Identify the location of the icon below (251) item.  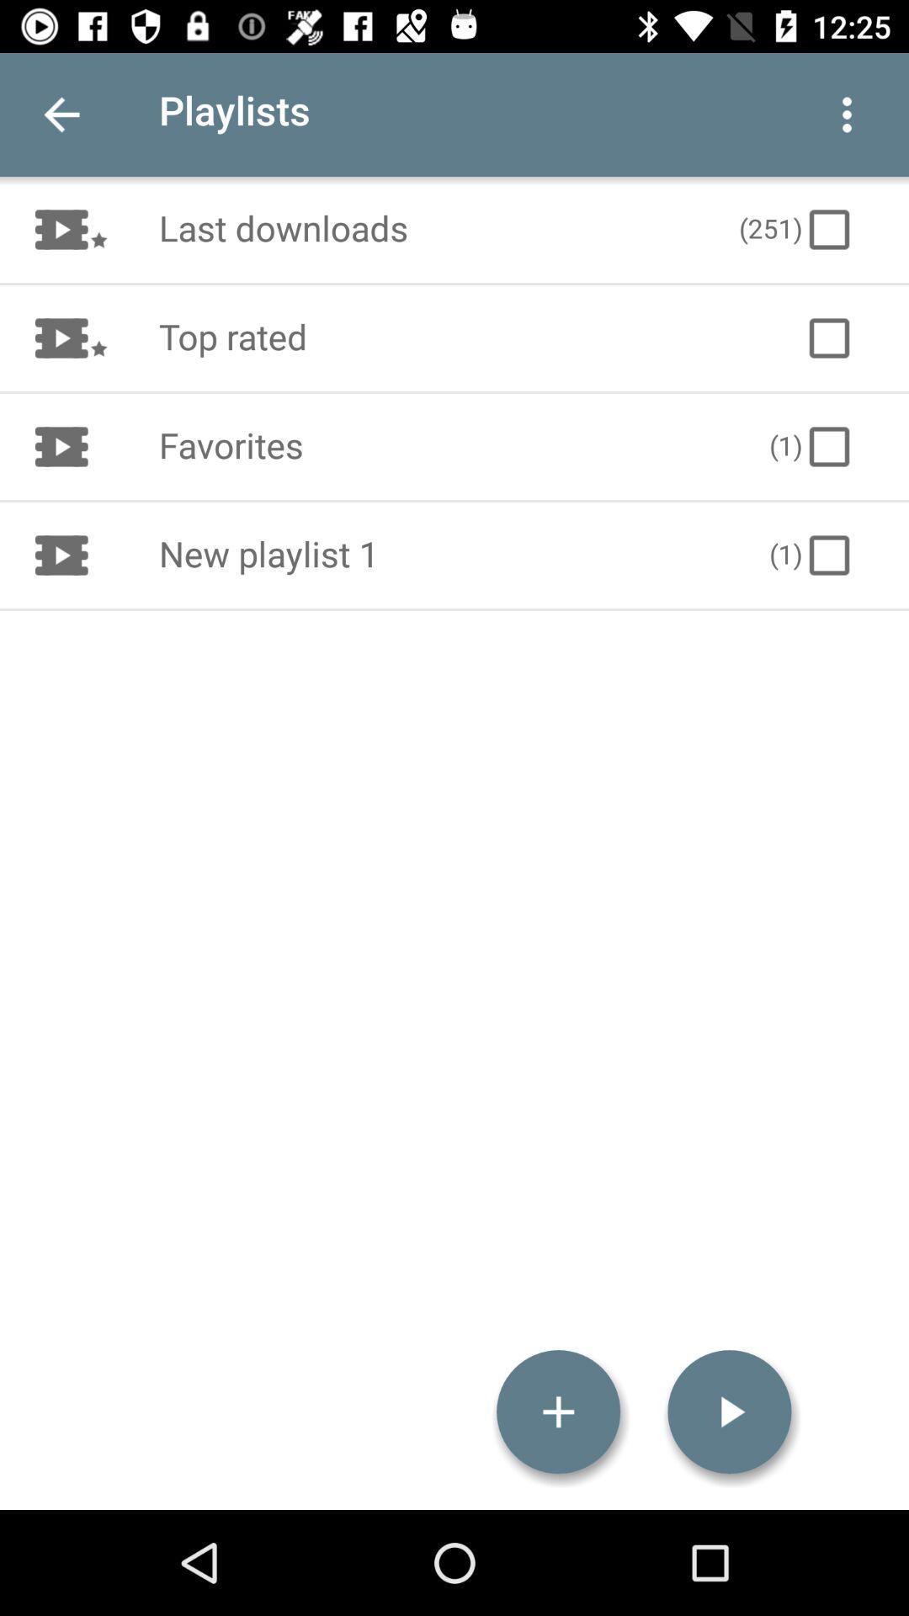
(828, 338).